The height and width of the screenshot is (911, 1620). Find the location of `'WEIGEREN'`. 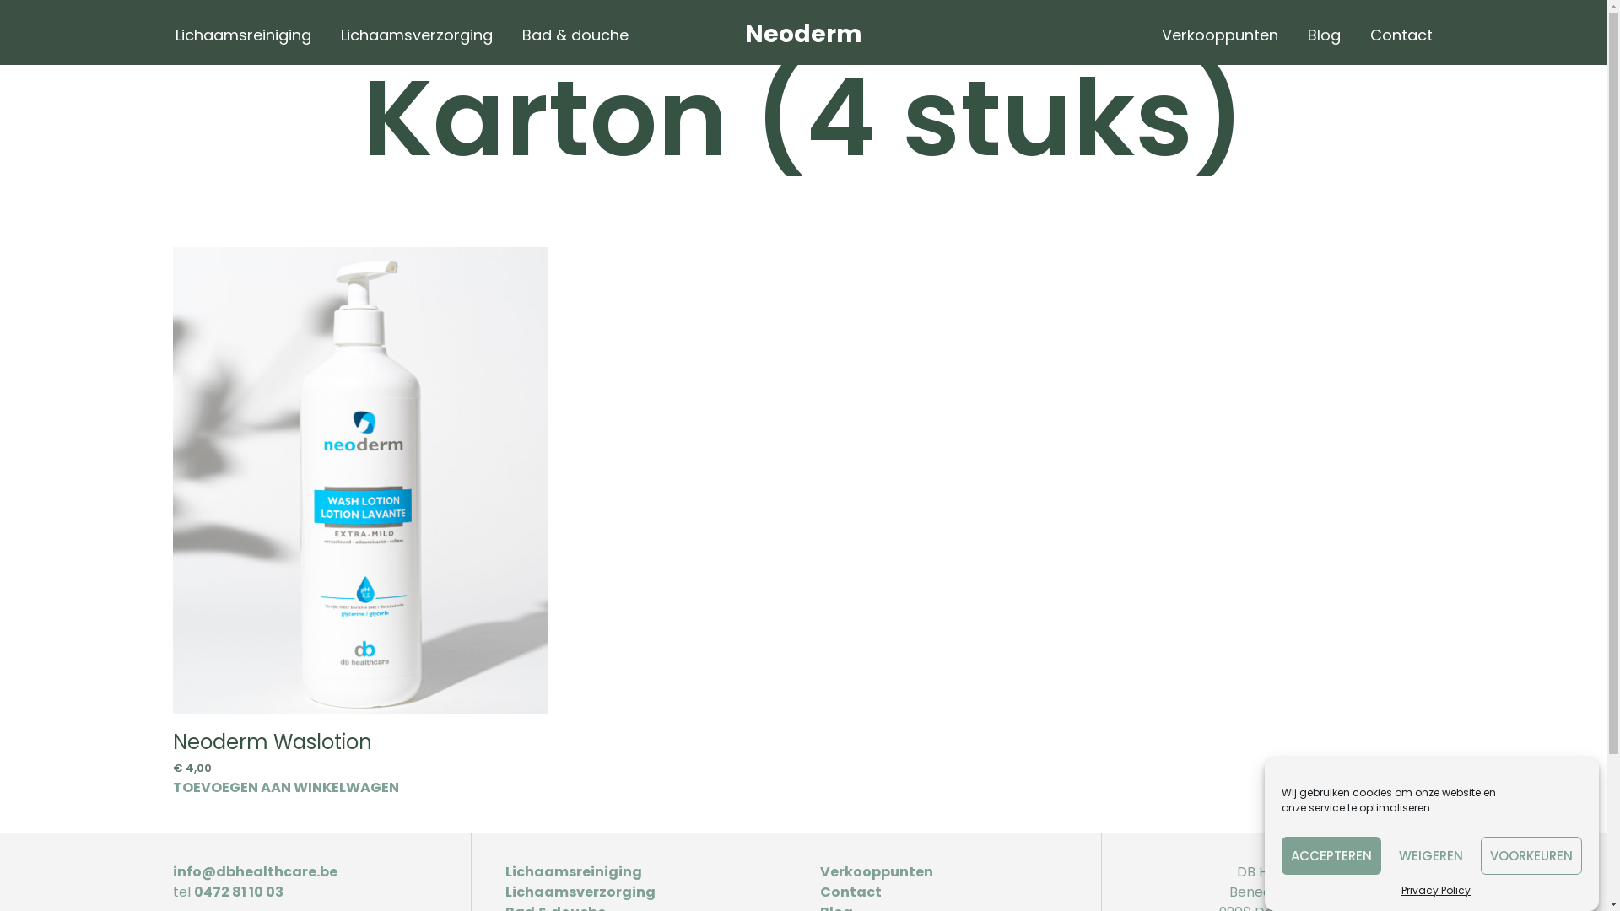

'WEIGEREN' is located at coordinates (1429, 855).